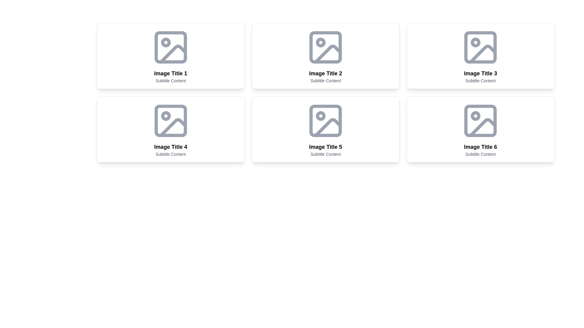  What do you see at coordinates (480, 147) in the screenshot?
I see `the text label that reads 'Image Title 6', which is styled in bold and larger font, located under an image placeholder and above the subtitle 'Subtitle Content' within the sixth card of a grid layout` at bounding box center [480, 147].